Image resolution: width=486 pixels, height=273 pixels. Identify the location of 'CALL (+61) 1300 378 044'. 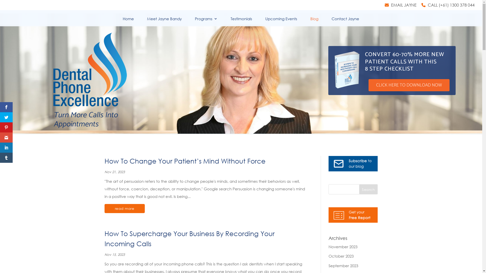
(448, 7).